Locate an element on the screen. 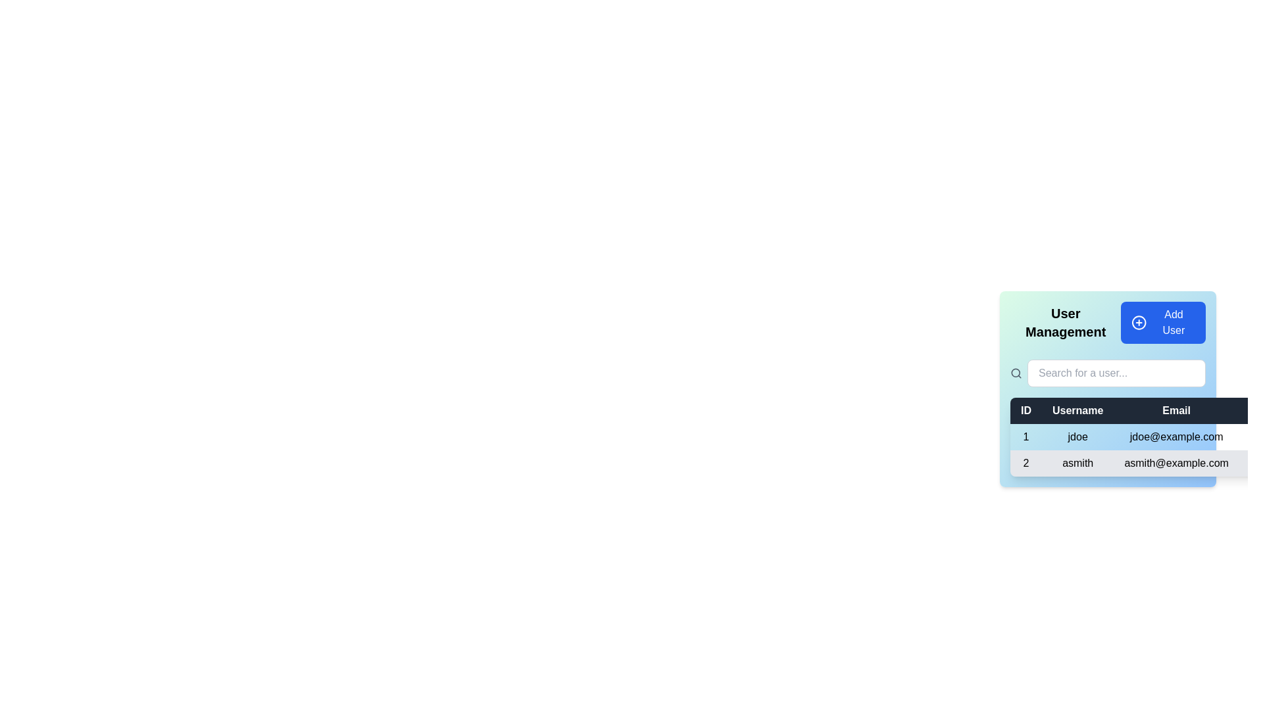  the circular icon located in the center of the button to the right of the 'User Management' label, which is part of the upper right toolbar in the user interface is located at coordinates (1139, 322).